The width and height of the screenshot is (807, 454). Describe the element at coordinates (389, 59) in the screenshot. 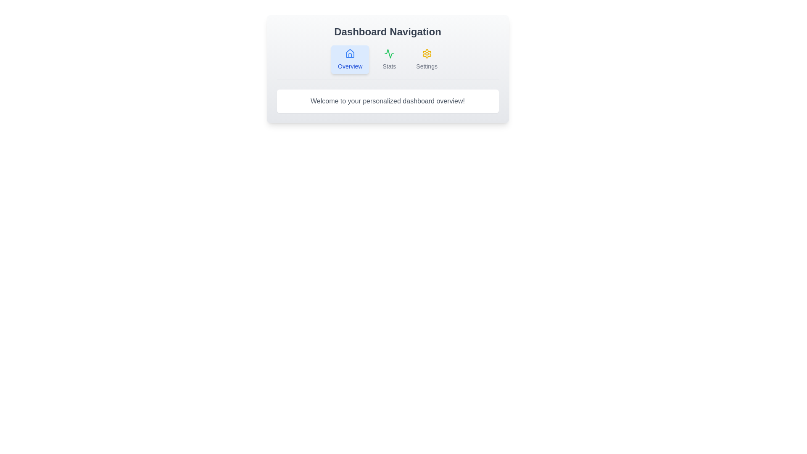

I see `the Stats tab to navigate to its section` at that location.